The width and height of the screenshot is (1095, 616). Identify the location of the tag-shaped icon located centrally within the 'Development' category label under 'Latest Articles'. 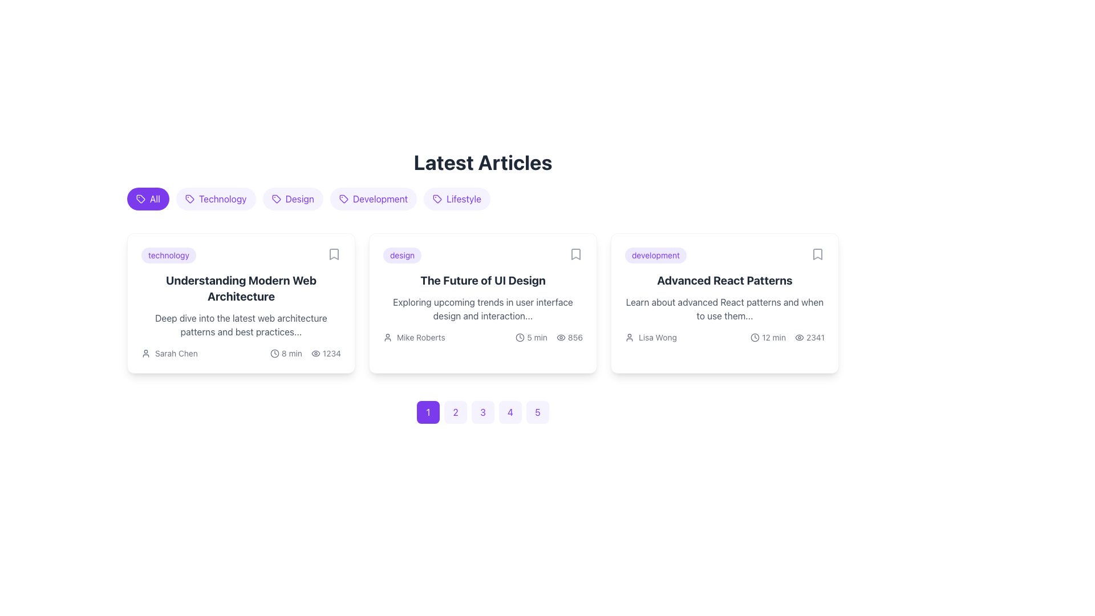
(343, 198).